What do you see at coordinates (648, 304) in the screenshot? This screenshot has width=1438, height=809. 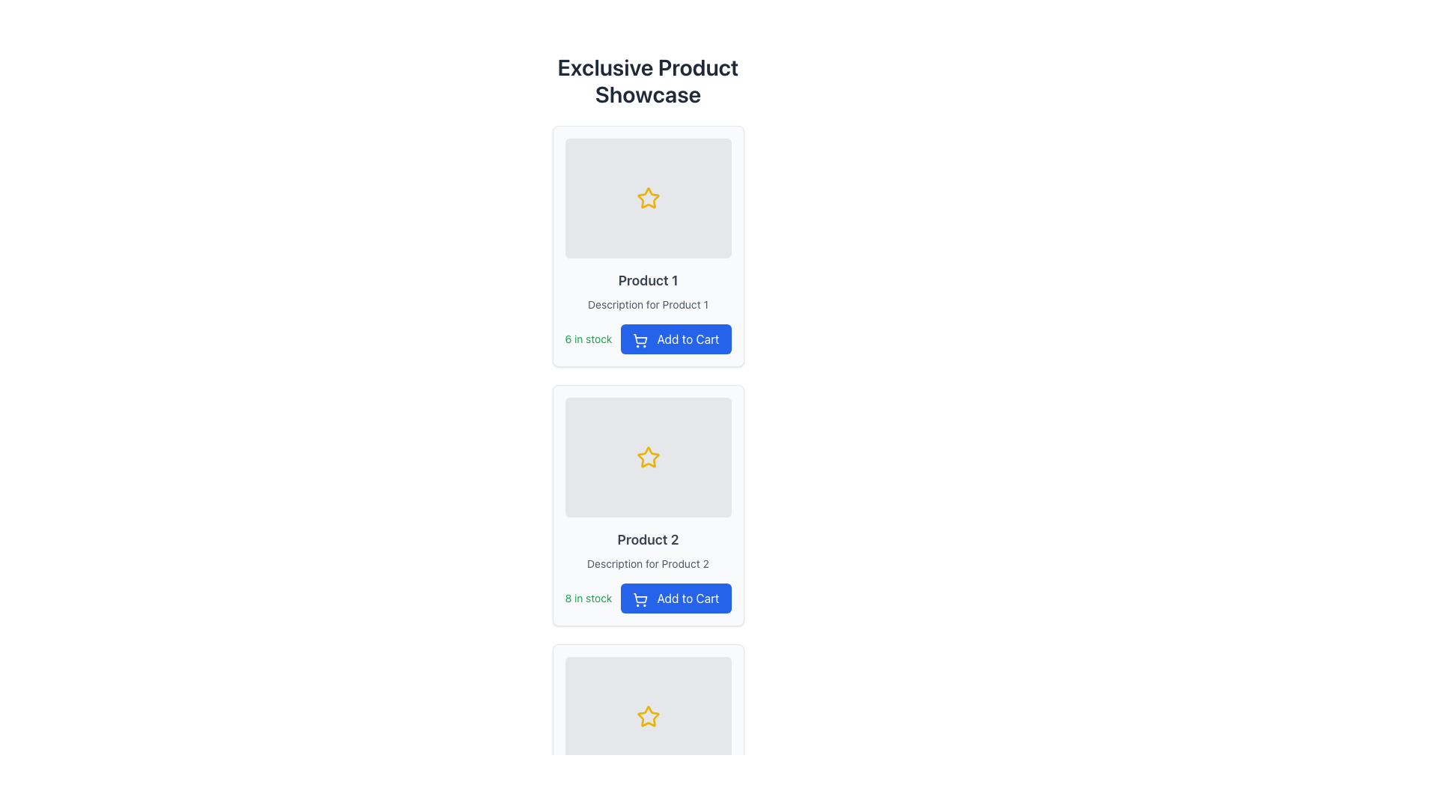 I see `the text display element that provides descriptive information about 'Product 1', located beneath the product title and above the stock and cart section` at bounding box center [648, 304].